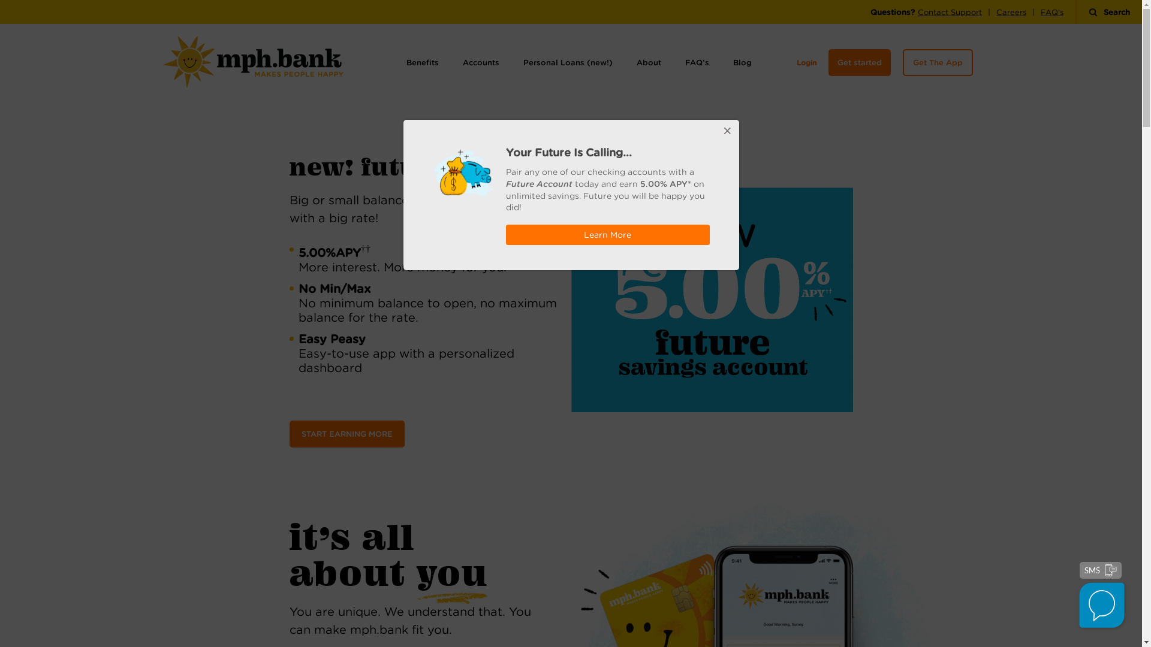 Image resolution: width=1151 pixels, height=647 pixels. I want to click on 'SMS', so click(1101, 570).